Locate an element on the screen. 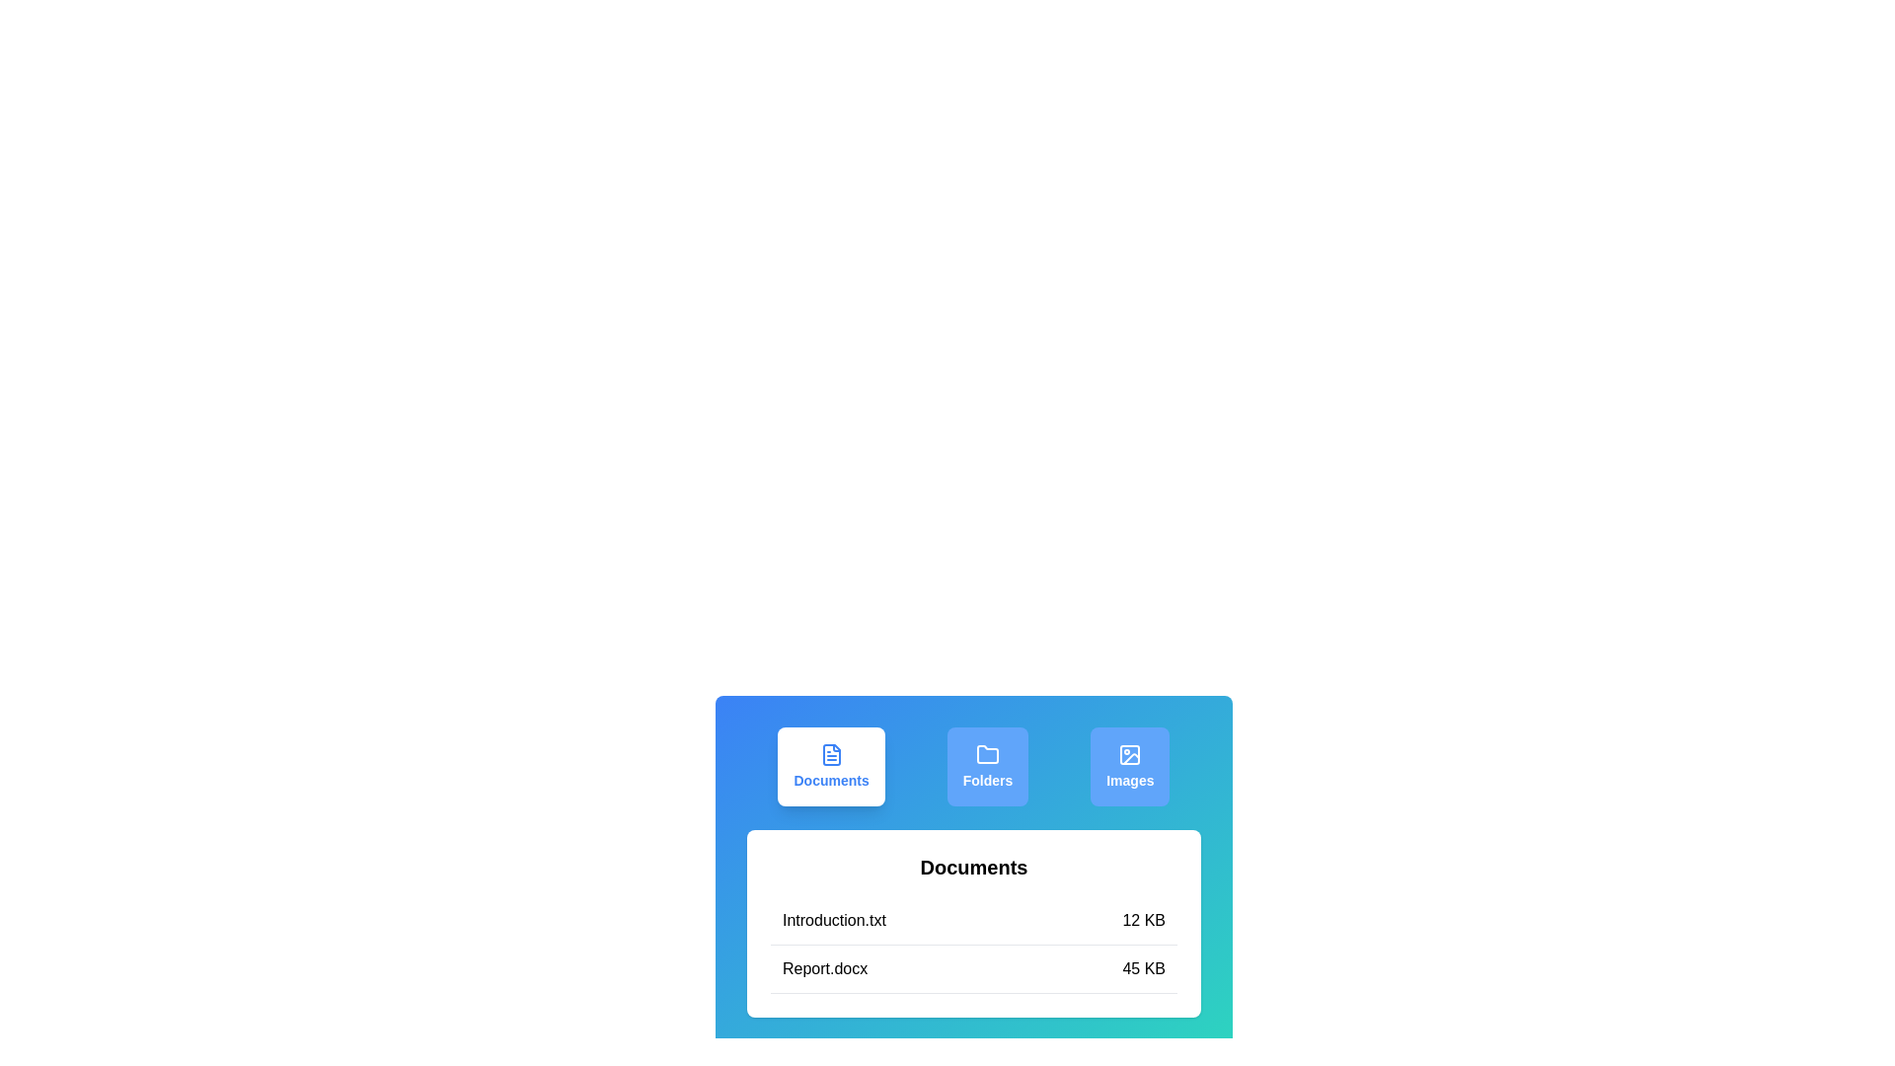 The width and height of the screenshot is (1895, 1066). the 'Introduction.txt' file name in the first row of the file list is located at coordinates (974, 921).